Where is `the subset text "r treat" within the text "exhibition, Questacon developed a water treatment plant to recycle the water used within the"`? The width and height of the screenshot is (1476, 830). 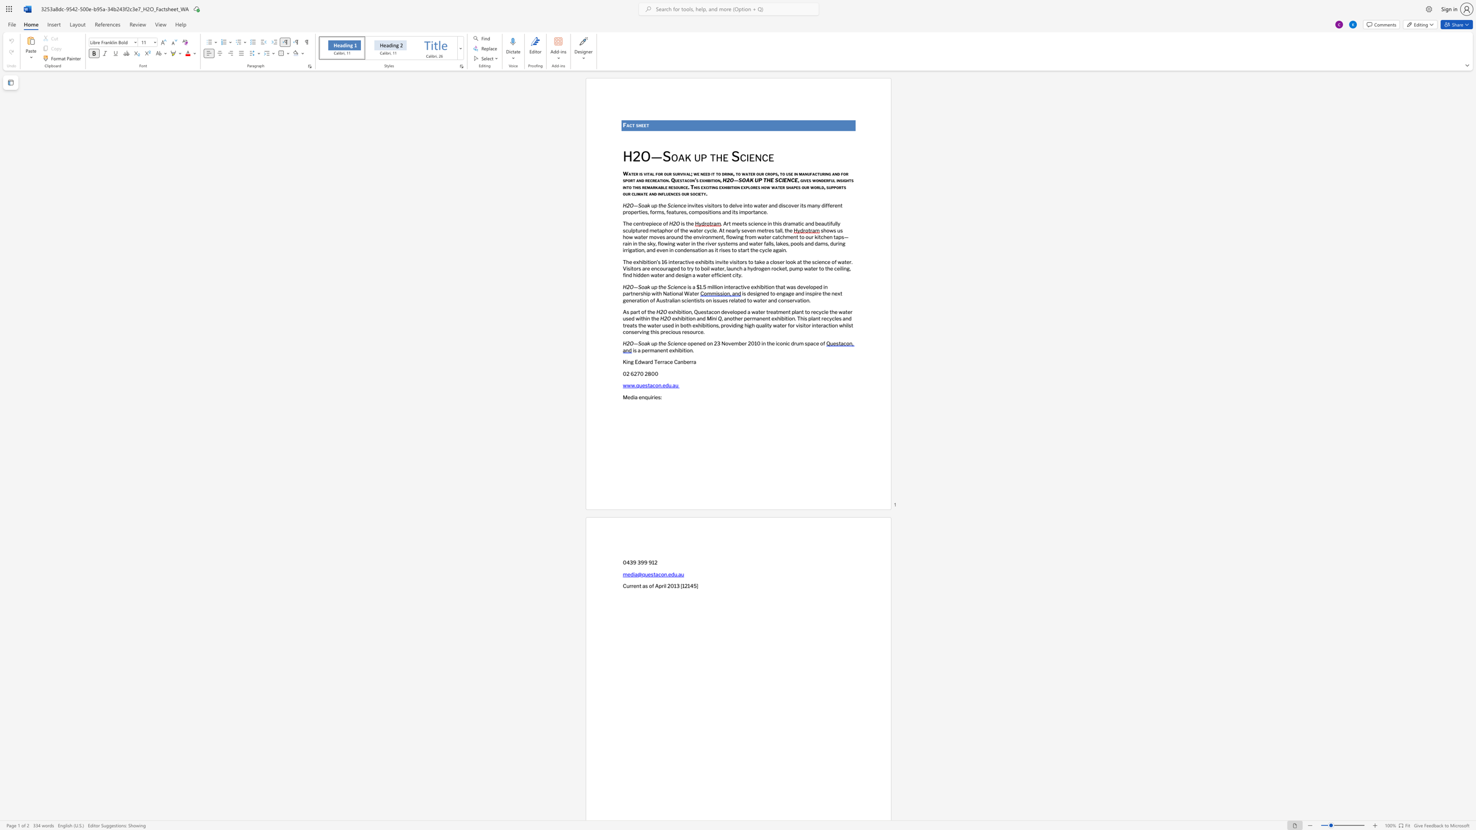
the subset text "r treat" within the text "exhibition, Questacon developed a water treatment plant to recycle the water used within the" is located at coordinates (763, 311).